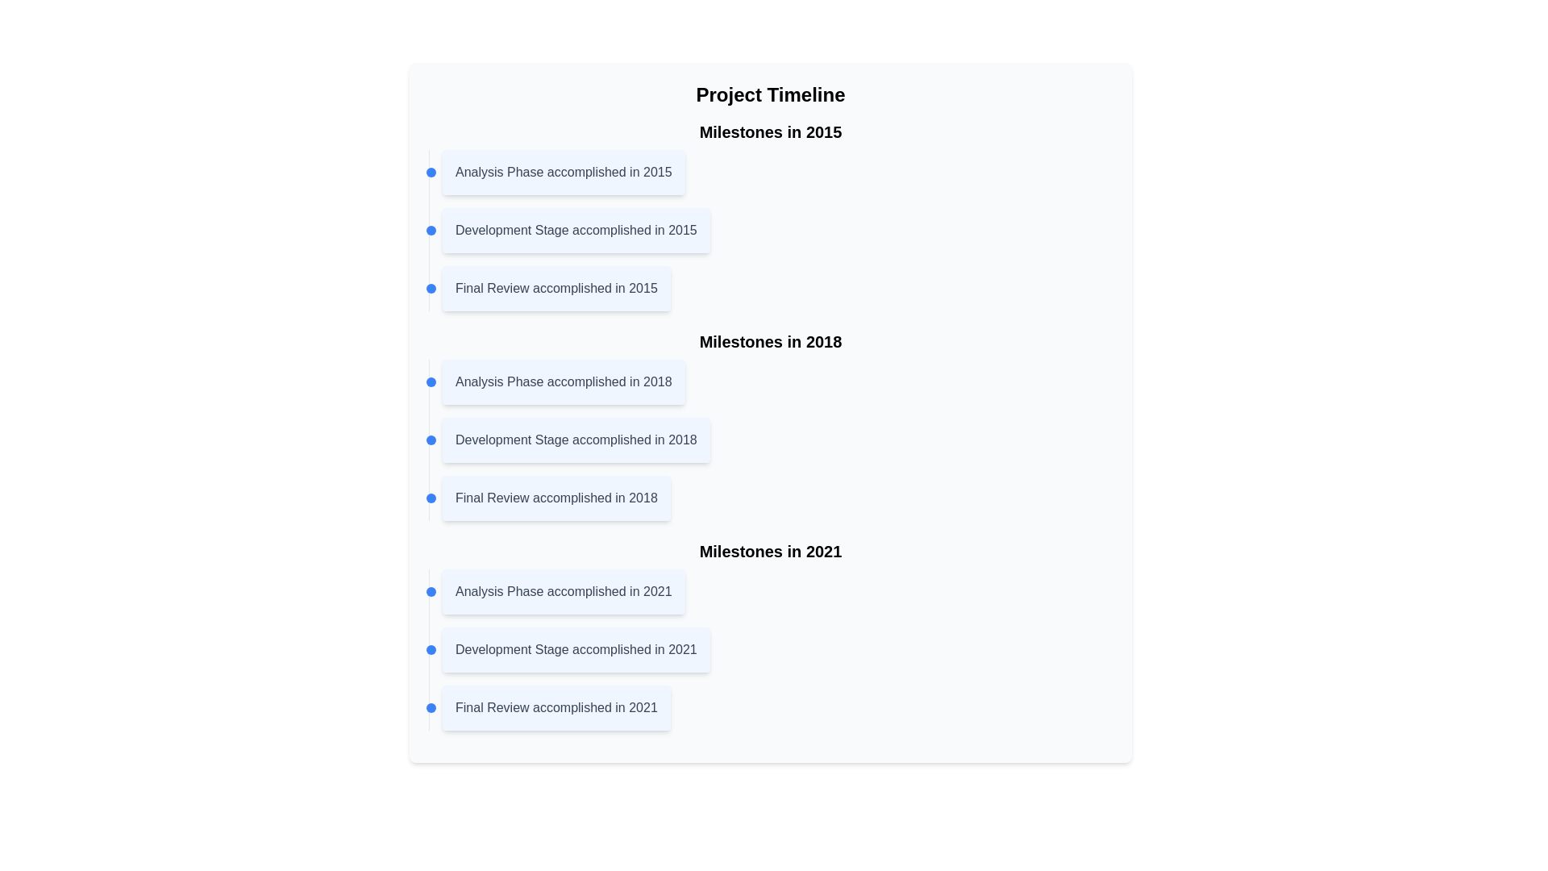  Describe the element at coordinates (769, 550) in the screenshot. I see `the heading 'Milestones in 2021', which is a bold text element located in the lower center of the layout, serving as the primary title for the 'Project Timeline' section` at that location.